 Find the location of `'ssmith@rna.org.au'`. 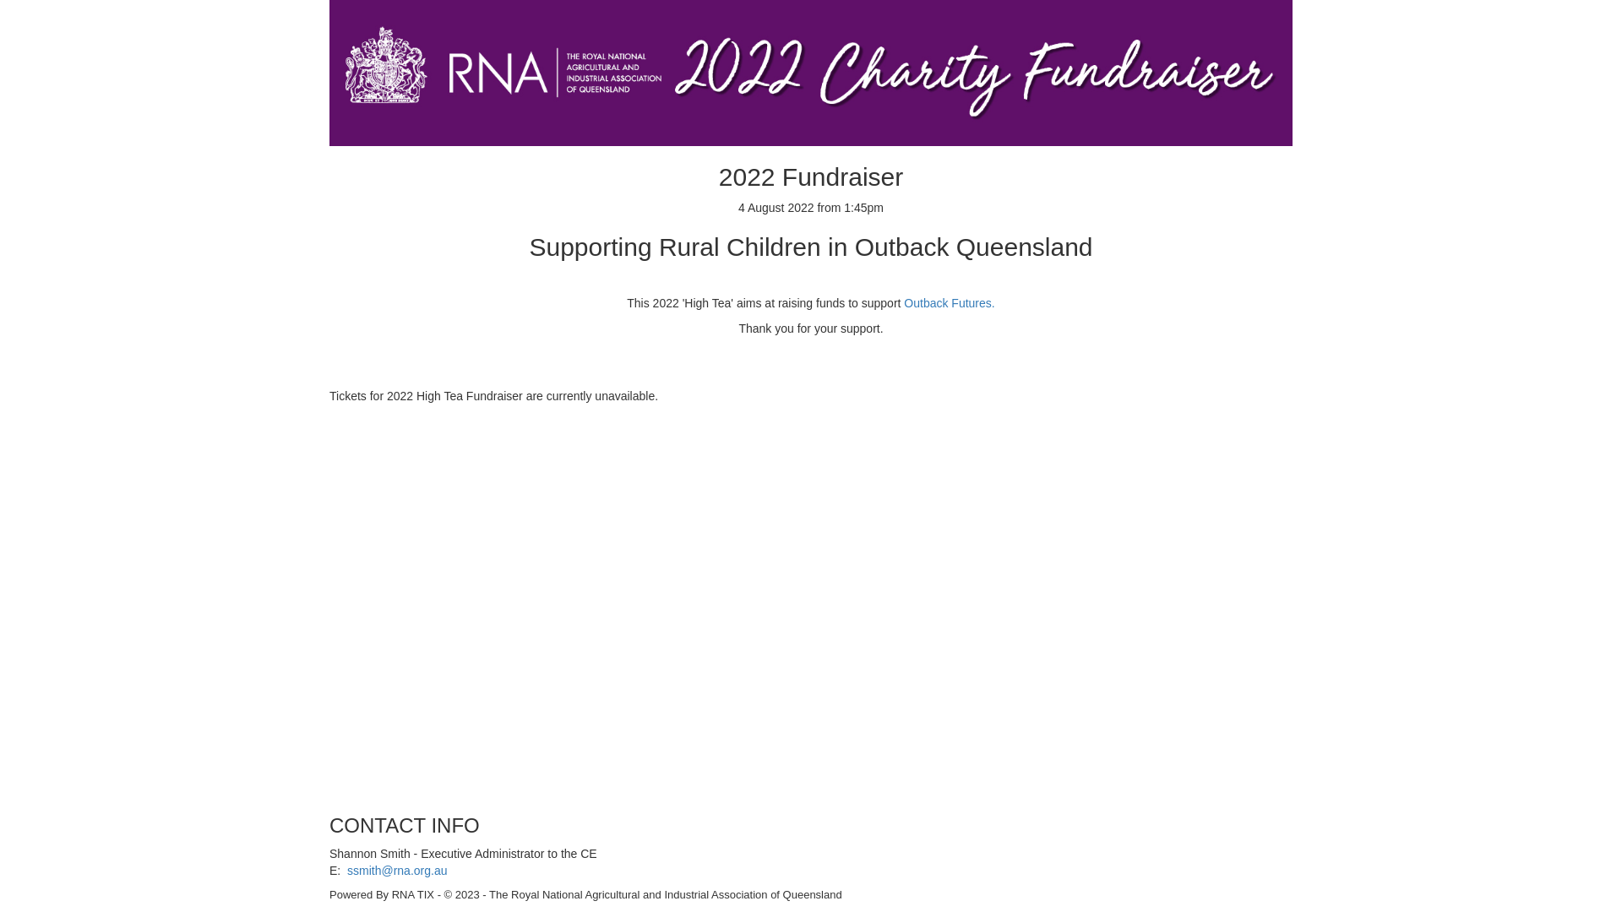

'ssmith@rna.org.au' is located at coordinates (396, 870).